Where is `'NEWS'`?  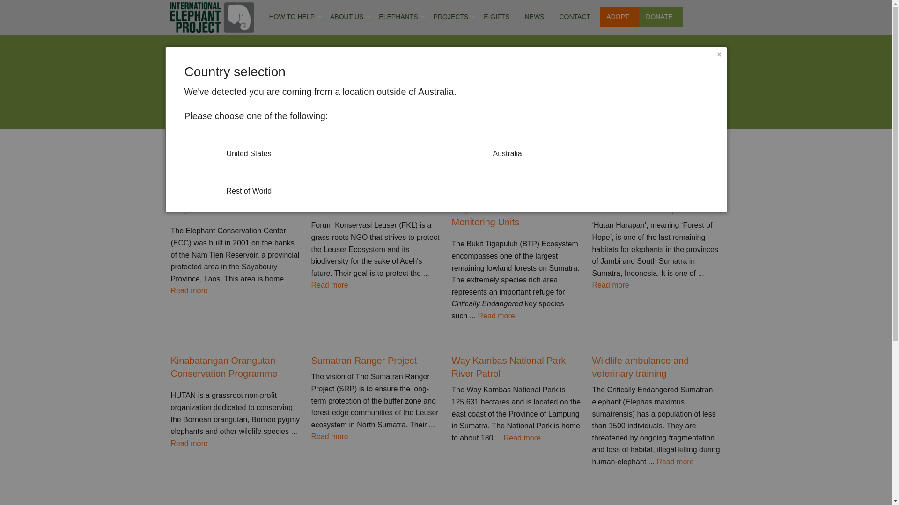 'NEWS' is located at coordinates (518, 16).